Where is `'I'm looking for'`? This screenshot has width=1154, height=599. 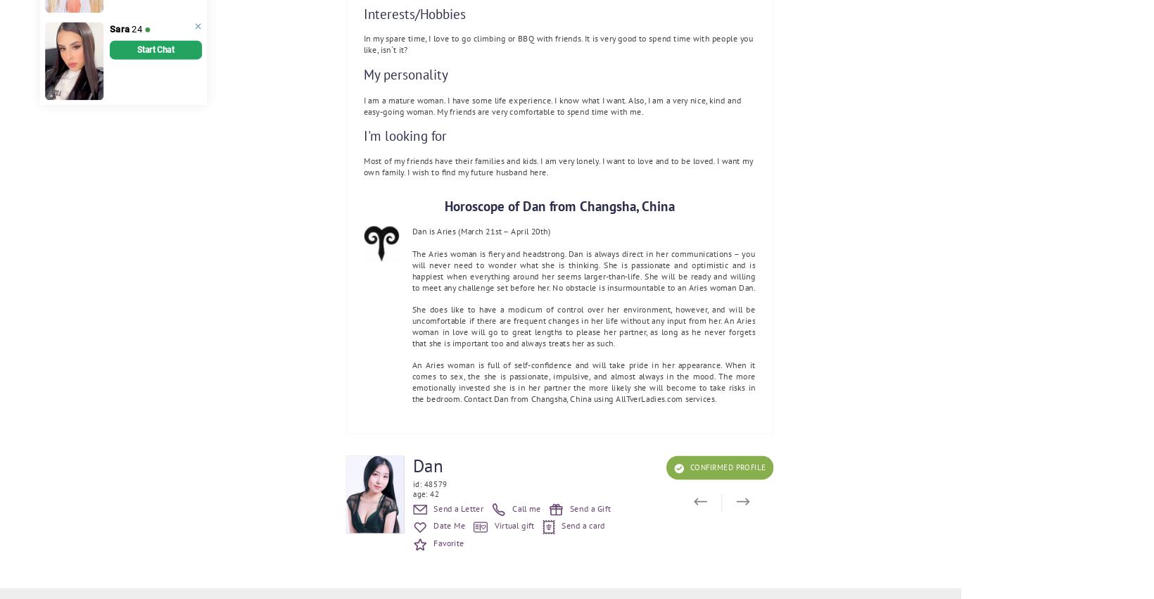
'I'm looking for' is located at coordinates (405, 135).